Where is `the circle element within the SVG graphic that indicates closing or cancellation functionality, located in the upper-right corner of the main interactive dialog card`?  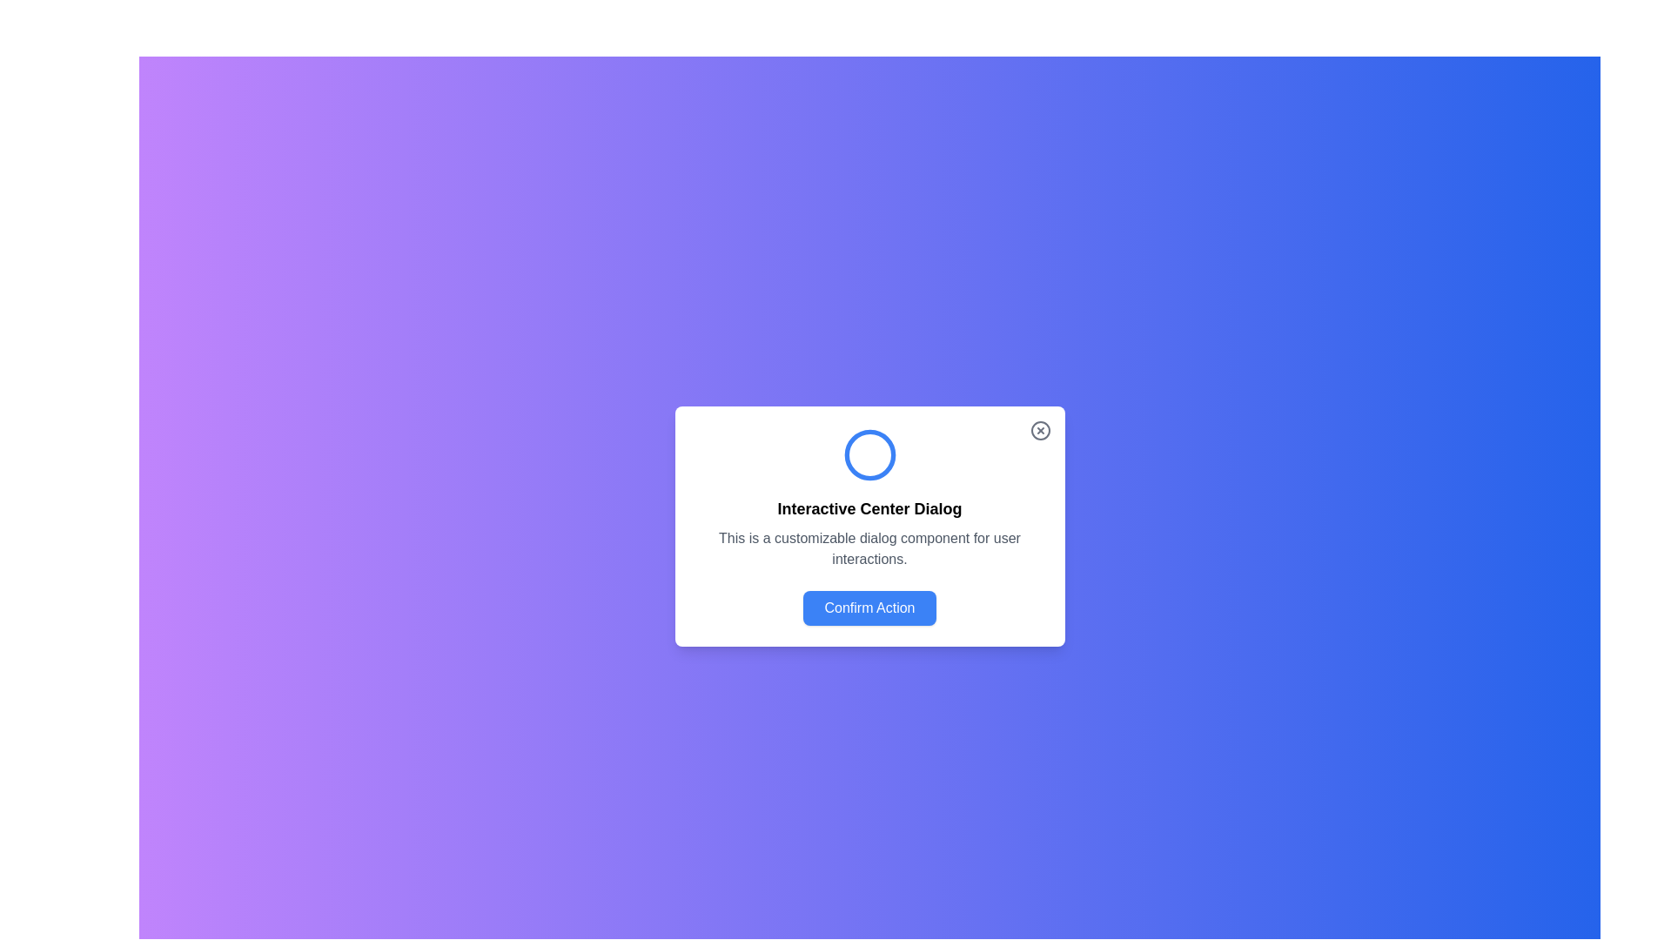 the circle element within the SVG graphic that indicates closing or cancellation functionality, located in the upper-right corner of the main interactive dialog card is located at coordinates (1040, 430).